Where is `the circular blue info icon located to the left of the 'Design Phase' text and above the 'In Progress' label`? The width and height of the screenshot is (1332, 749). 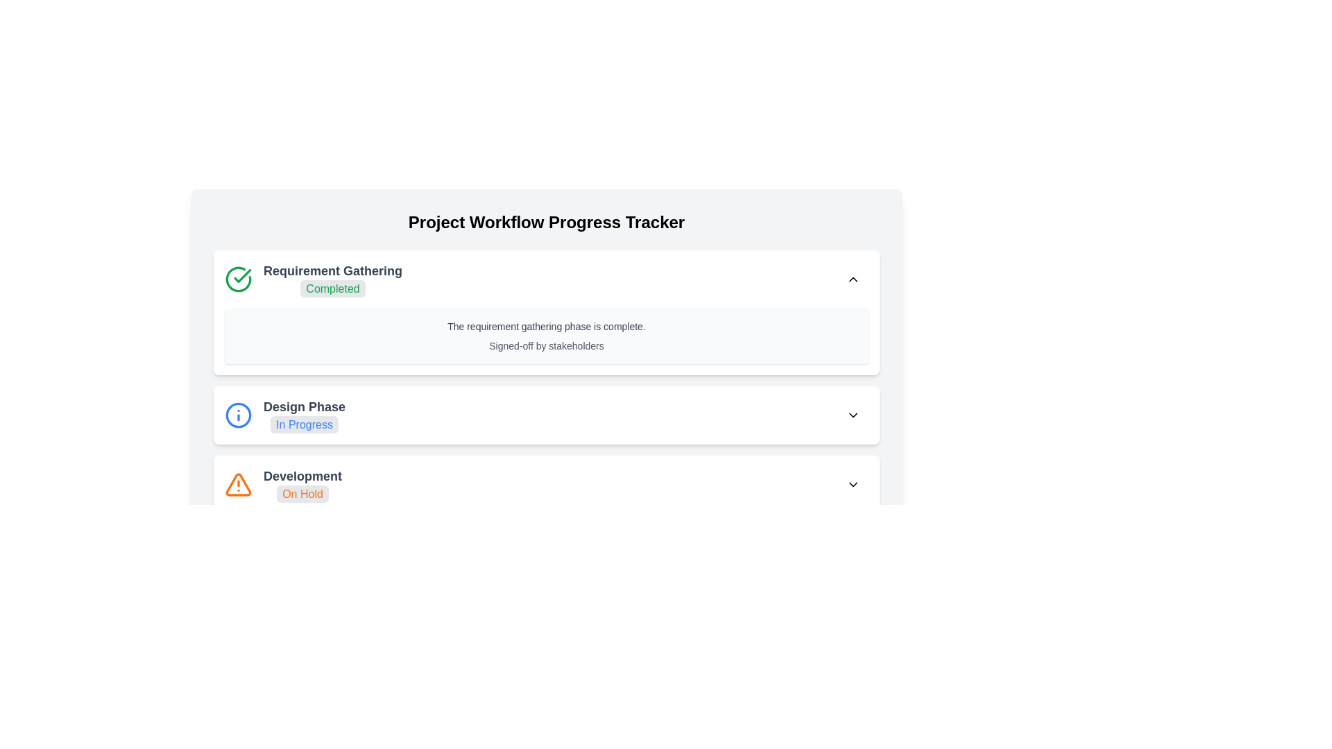
the circular blue info icon located to the left of the 'Design Phase' text and above the 'In Progress' label is located at coordinates (239, 414).